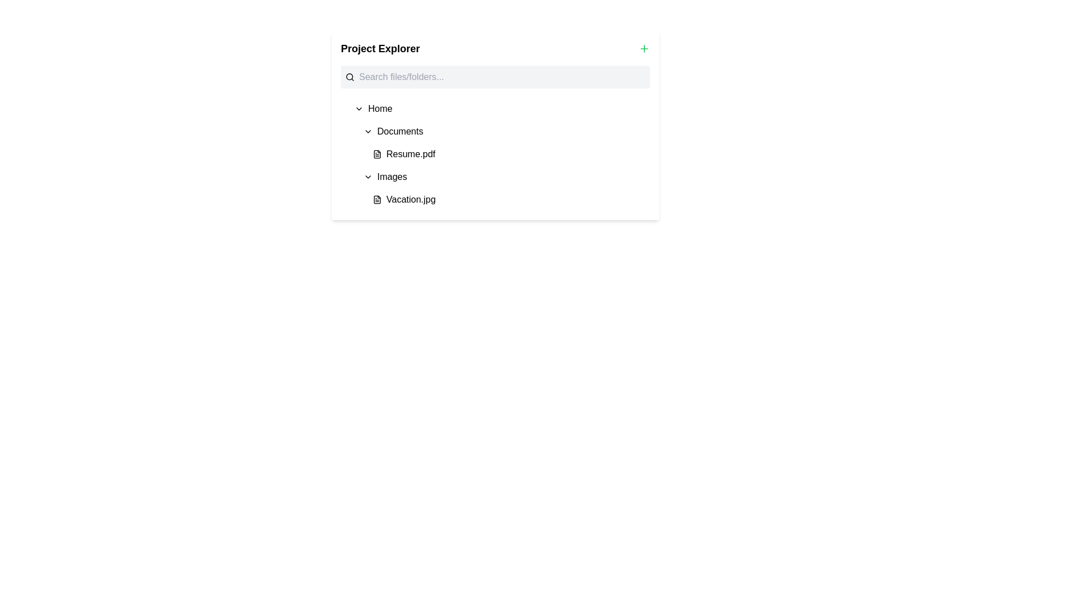 This screenshot has height=613, width=1091. I want to click on the document file icon located to the left of 'Resume.pdf' in the list view interface, so click(377, 154).